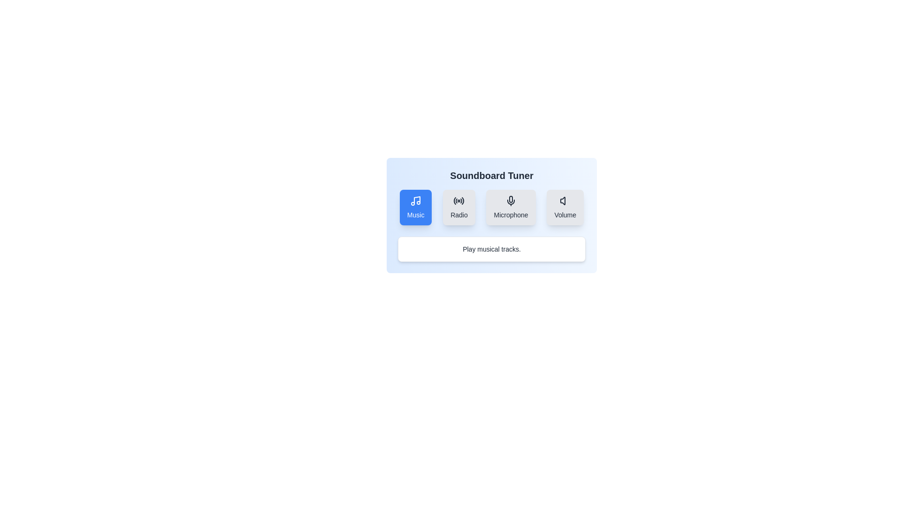 This screenshot has width=901, height=506. What do you see at coordinates (565, 207) in the screenshot?
I see `the Volume option to observe the visual change` at bounding box center [565, 207].